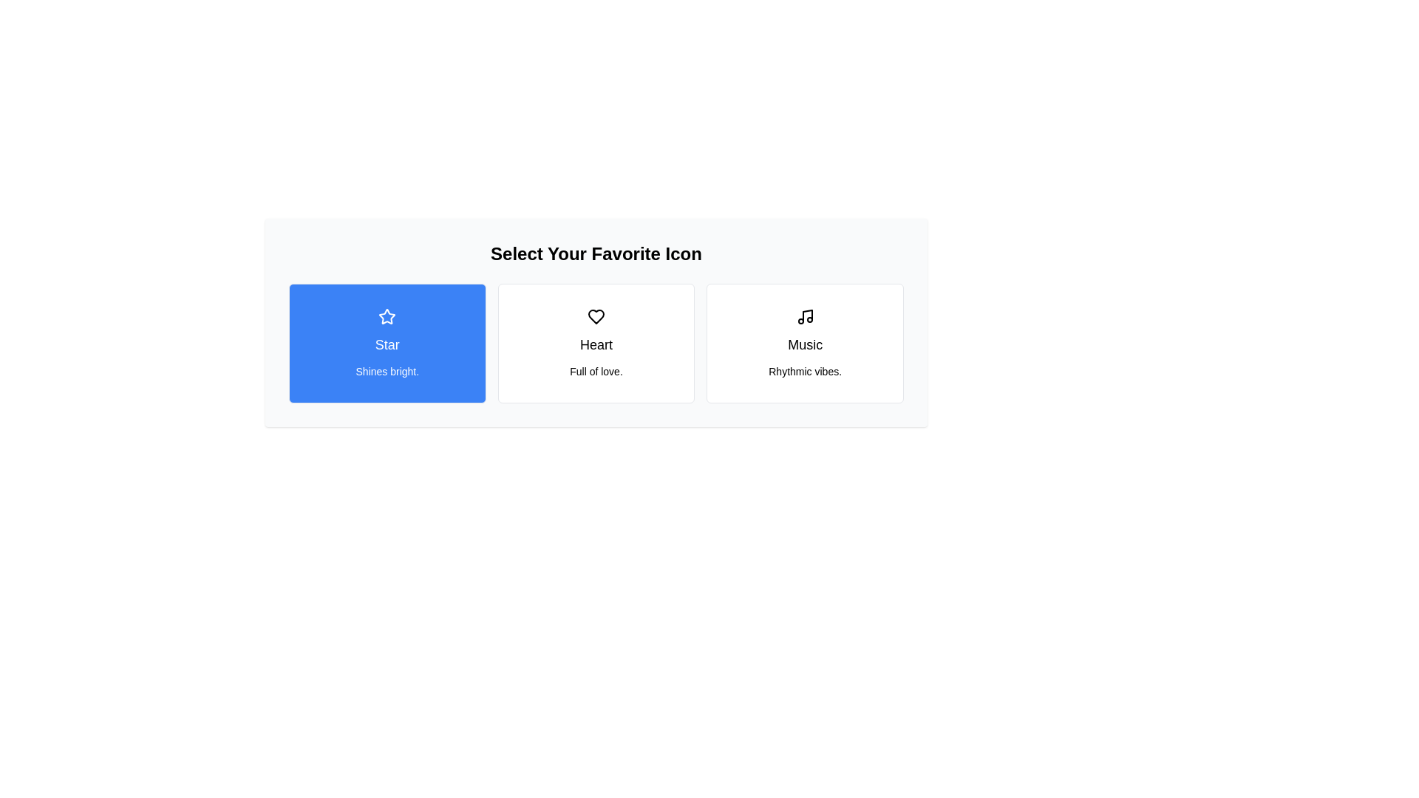 Image resolution: width=1419 pixels, height=798 pixels. I want to click on the interactive card component, which is the second section in a horizontally arranged panel, so click(596, 344).